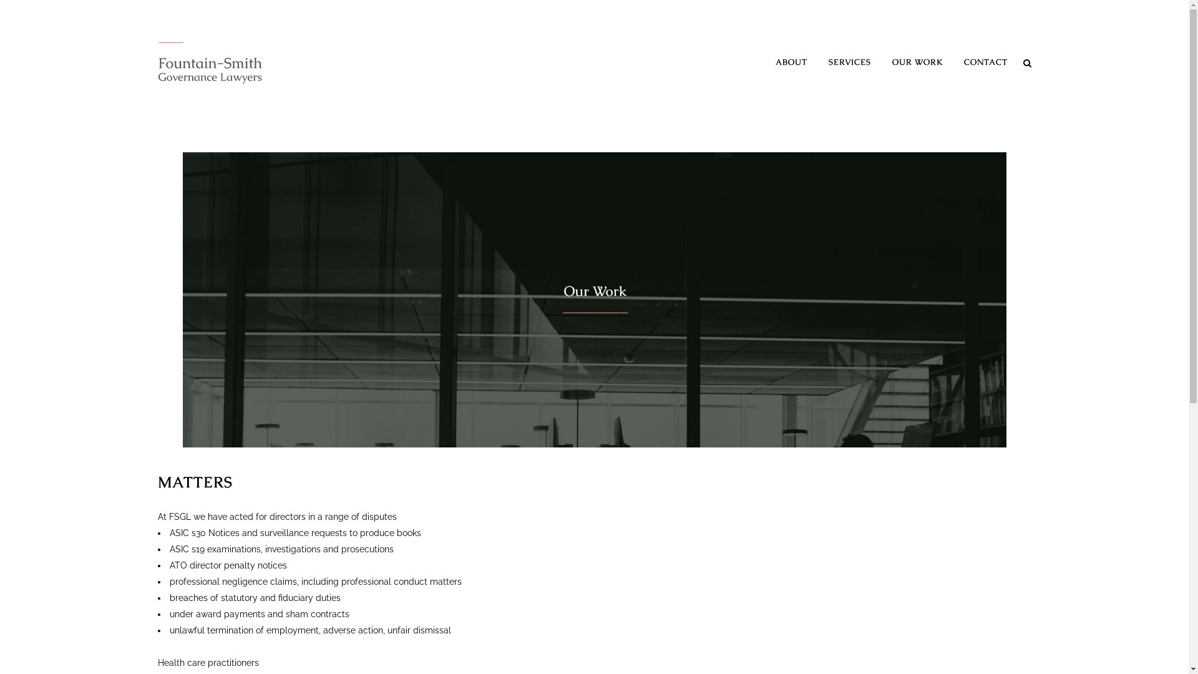 The image size is (1198, 674). What do you see at coordinates (791, 62) in the screenshot?
I see `'ABOUT'` at bounding box center [791, 62].